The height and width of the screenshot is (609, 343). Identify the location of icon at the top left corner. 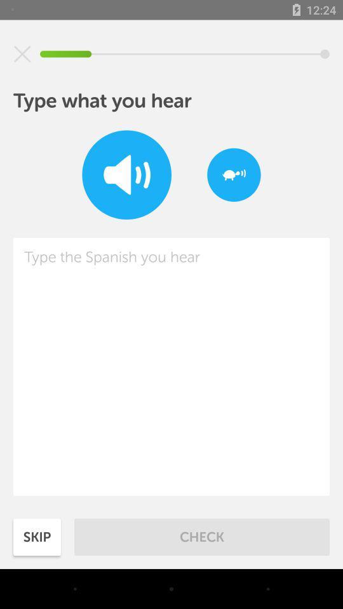
(22, 54).